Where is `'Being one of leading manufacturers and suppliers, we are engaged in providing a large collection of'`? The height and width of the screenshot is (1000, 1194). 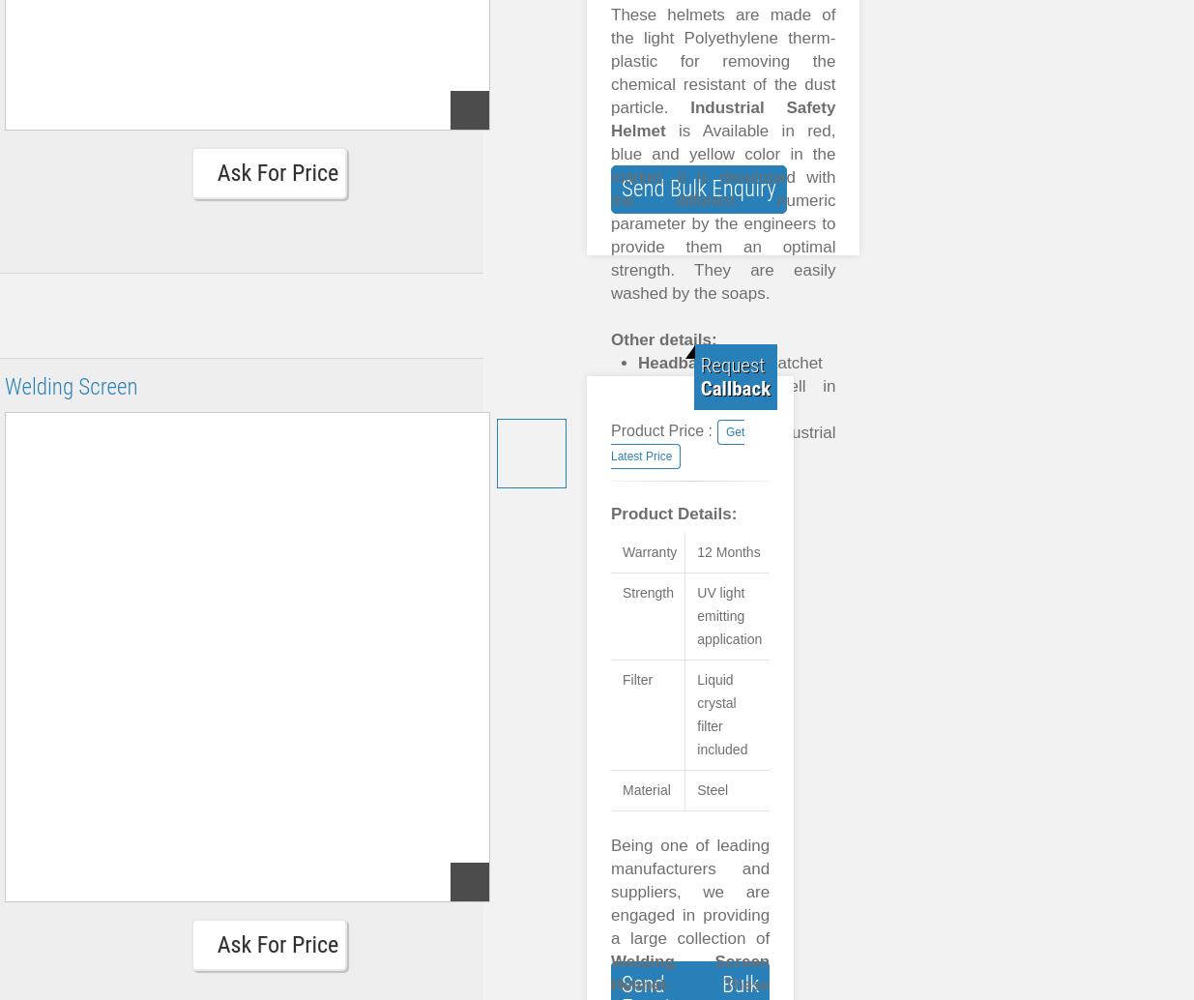
'Being one of leading manufacturers and suppliers, we are engaged in providing a large collection of' is located at coordinates (689, 891).